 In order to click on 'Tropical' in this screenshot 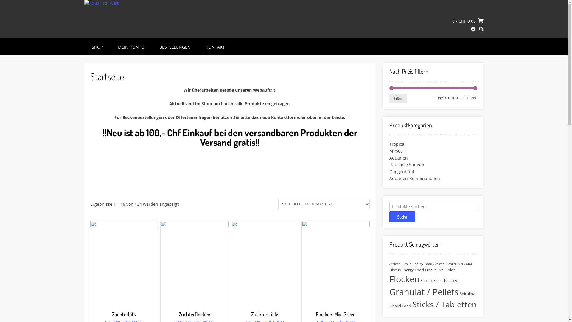, I will do `click(397, 144)`.